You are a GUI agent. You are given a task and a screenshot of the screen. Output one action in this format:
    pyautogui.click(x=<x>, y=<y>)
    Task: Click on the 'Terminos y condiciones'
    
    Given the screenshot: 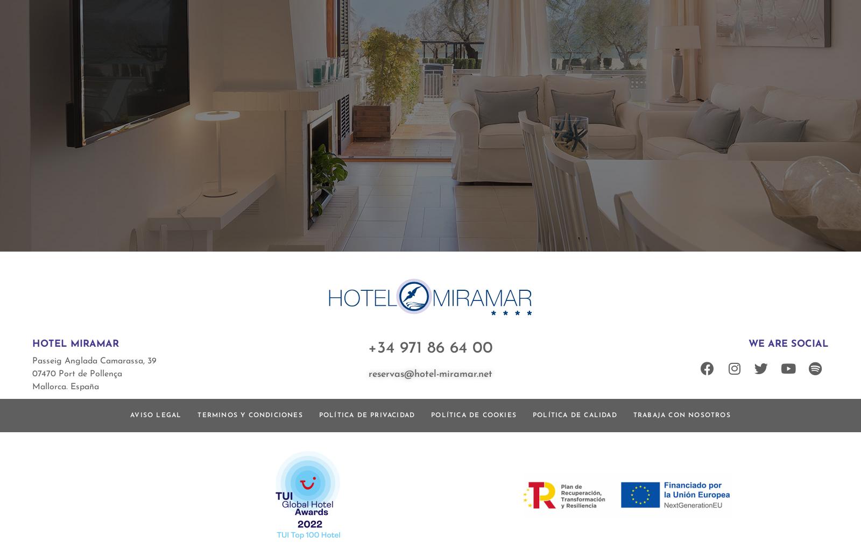 What is the action you would take?
    pyautogui.click(x=249, y=414)
    